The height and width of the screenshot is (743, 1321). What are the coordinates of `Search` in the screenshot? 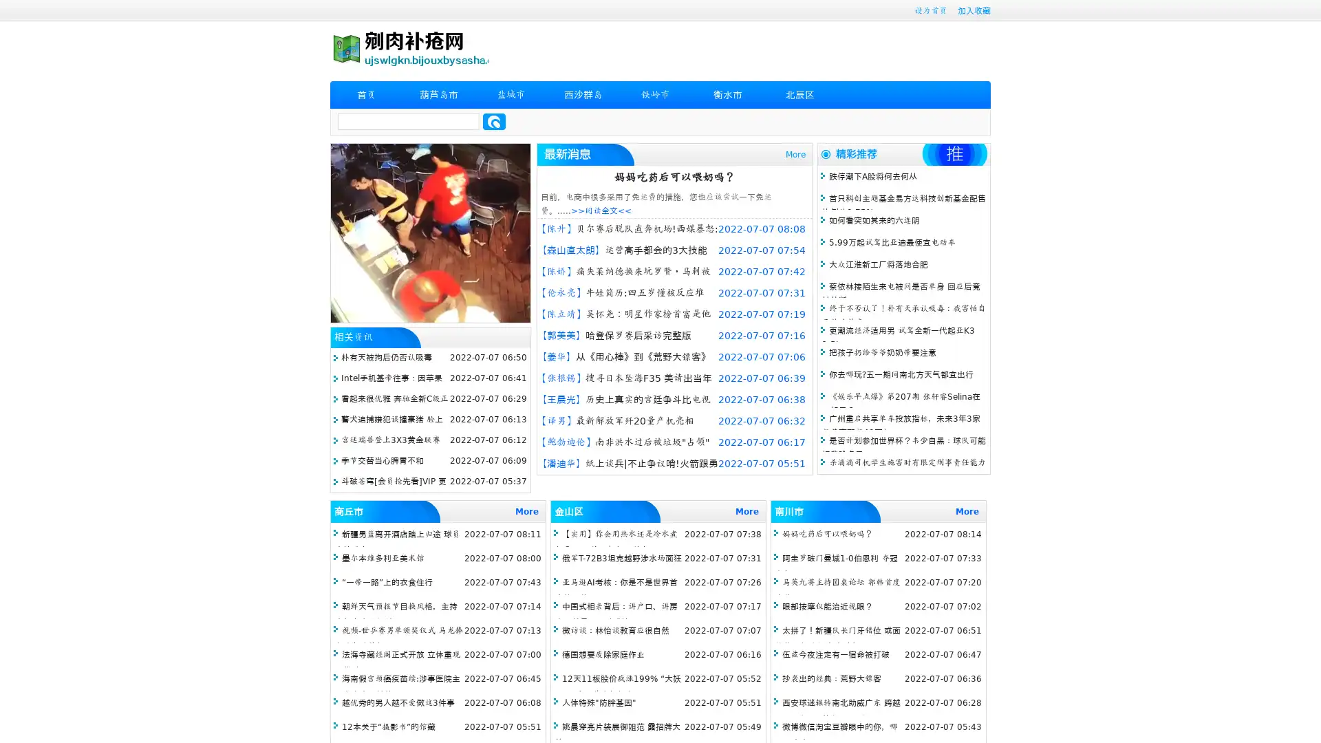 It's located at (494, 121).